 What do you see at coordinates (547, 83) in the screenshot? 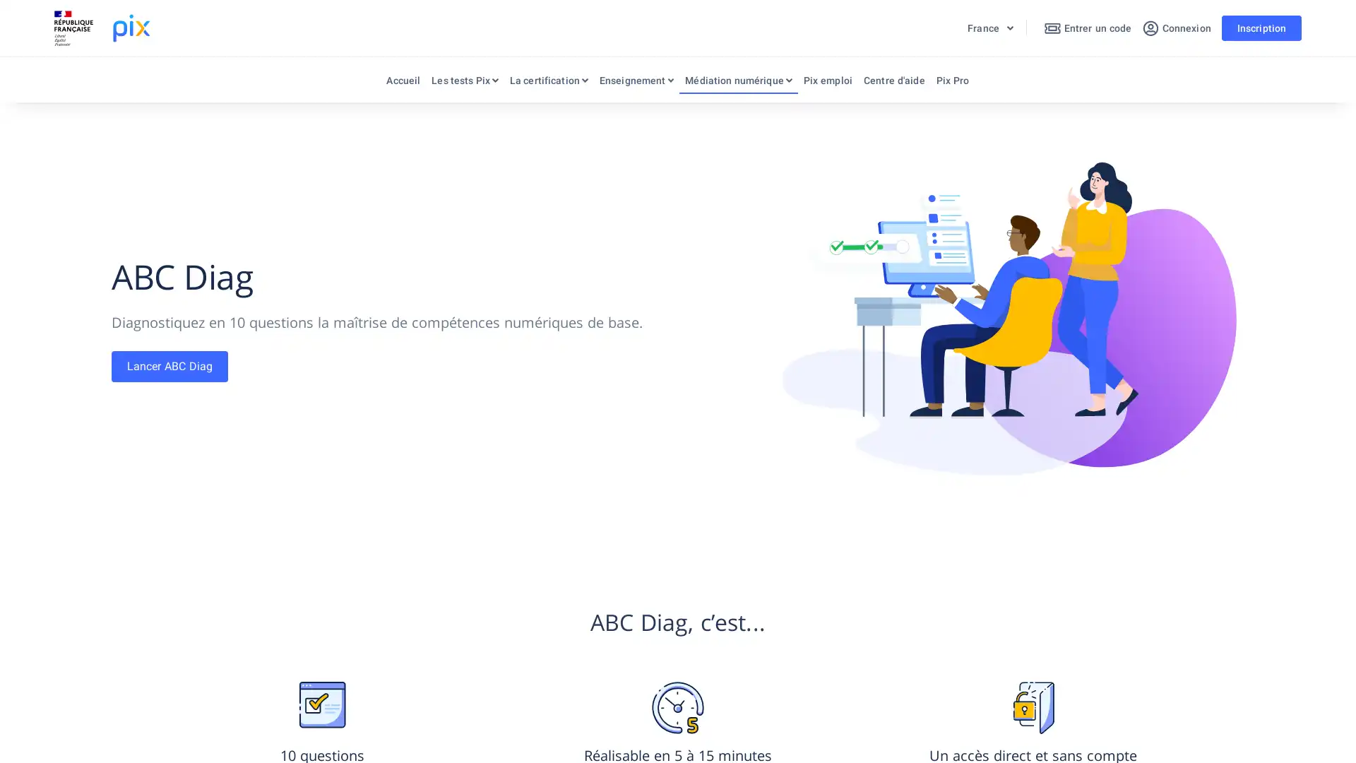
I see `La certification` at bounding box center [547, 83].